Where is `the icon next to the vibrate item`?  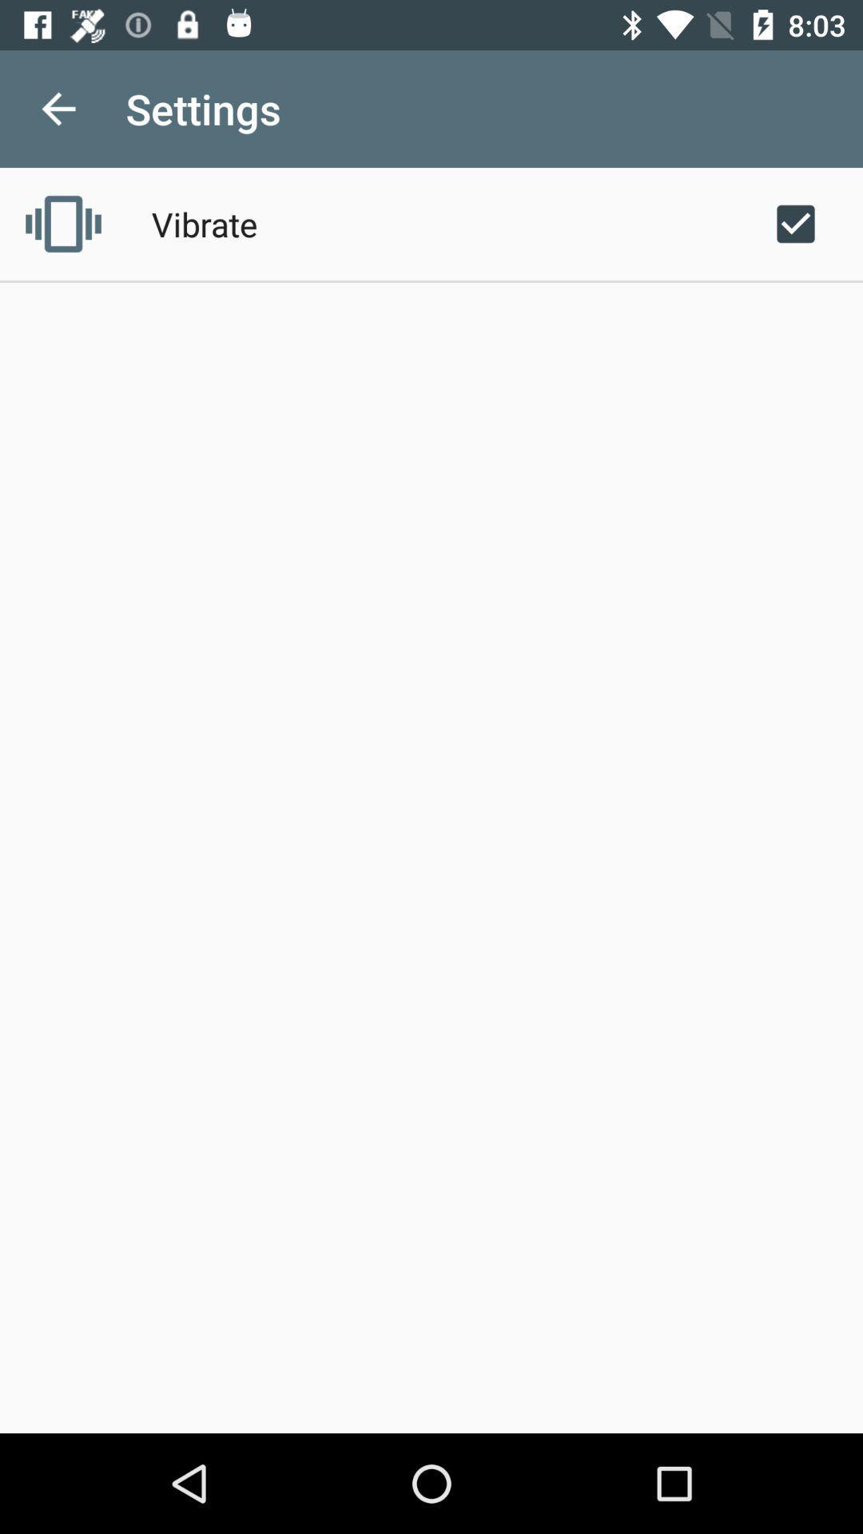 the icon next to the vibrate item is located at coordinates (795, 223).